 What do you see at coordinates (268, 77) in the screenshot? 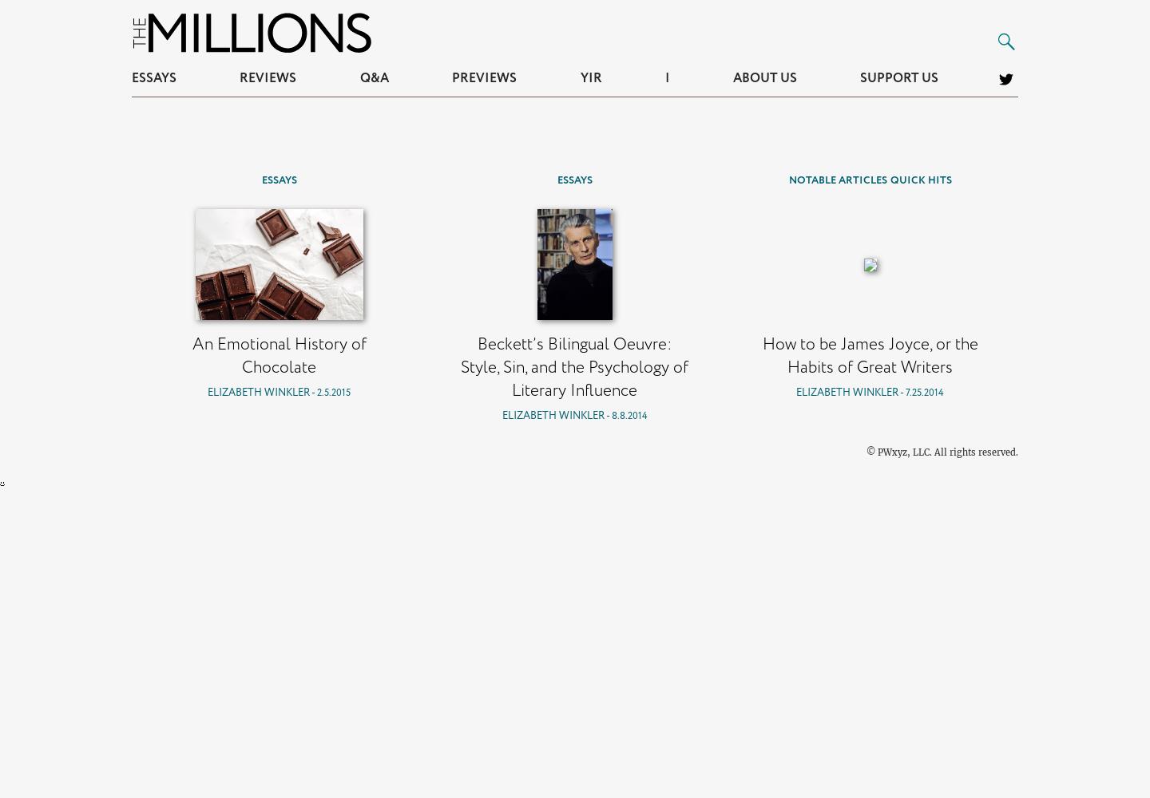
I see `'Reviews'` at bounding box center [268, 77].